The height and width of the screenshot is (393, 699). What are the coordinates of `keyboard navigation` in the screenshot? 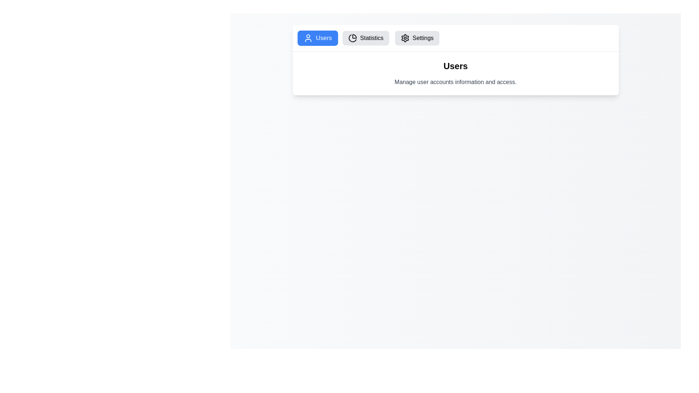 It's located at (405, 38).